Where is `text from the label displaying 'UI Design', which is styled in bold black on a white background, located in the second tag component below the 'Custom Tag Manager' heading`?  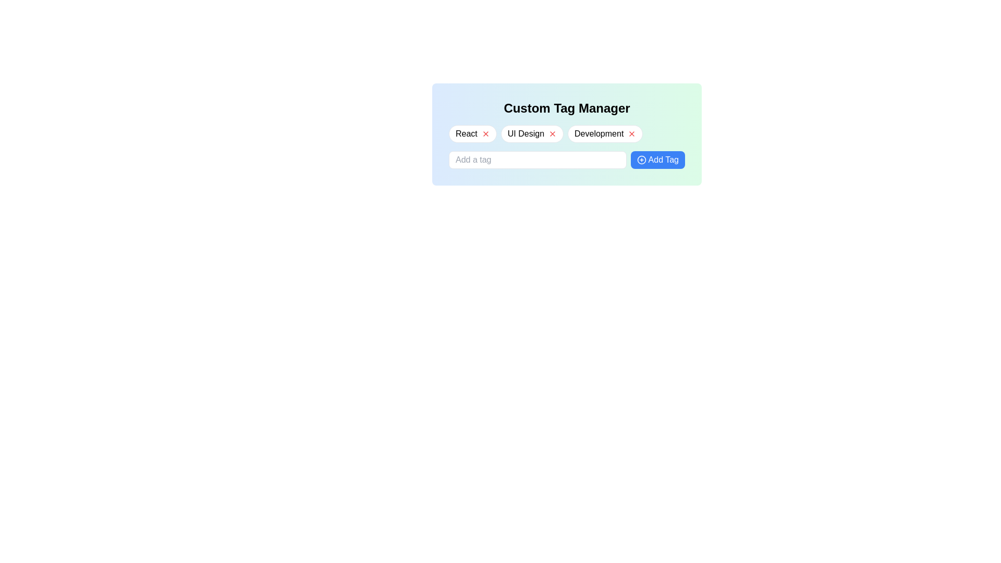 text from the label displaying 'UI Design', which is styled in bold black on a white background, located in the second tag component below the 'Custom Tag Manager' heading is located at coordinates (526, 133).